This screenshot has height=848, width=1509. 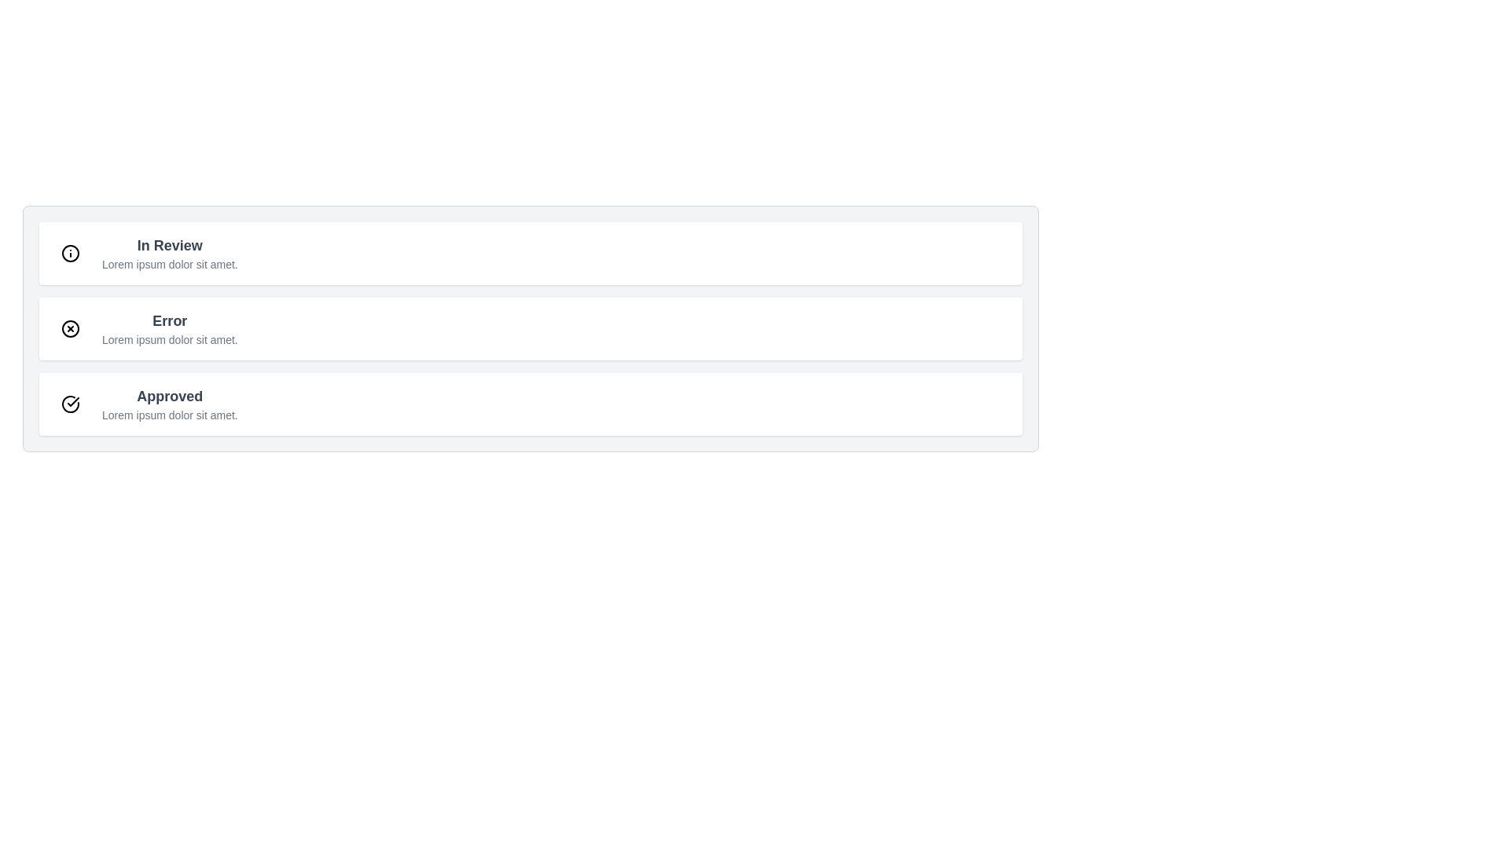 I want to click on the green 'approved' status icon located towards the bottom of the vertical layout, adjacent to the 'Approved' label and beneath the 'Error' section, so click(x=70, y=404).